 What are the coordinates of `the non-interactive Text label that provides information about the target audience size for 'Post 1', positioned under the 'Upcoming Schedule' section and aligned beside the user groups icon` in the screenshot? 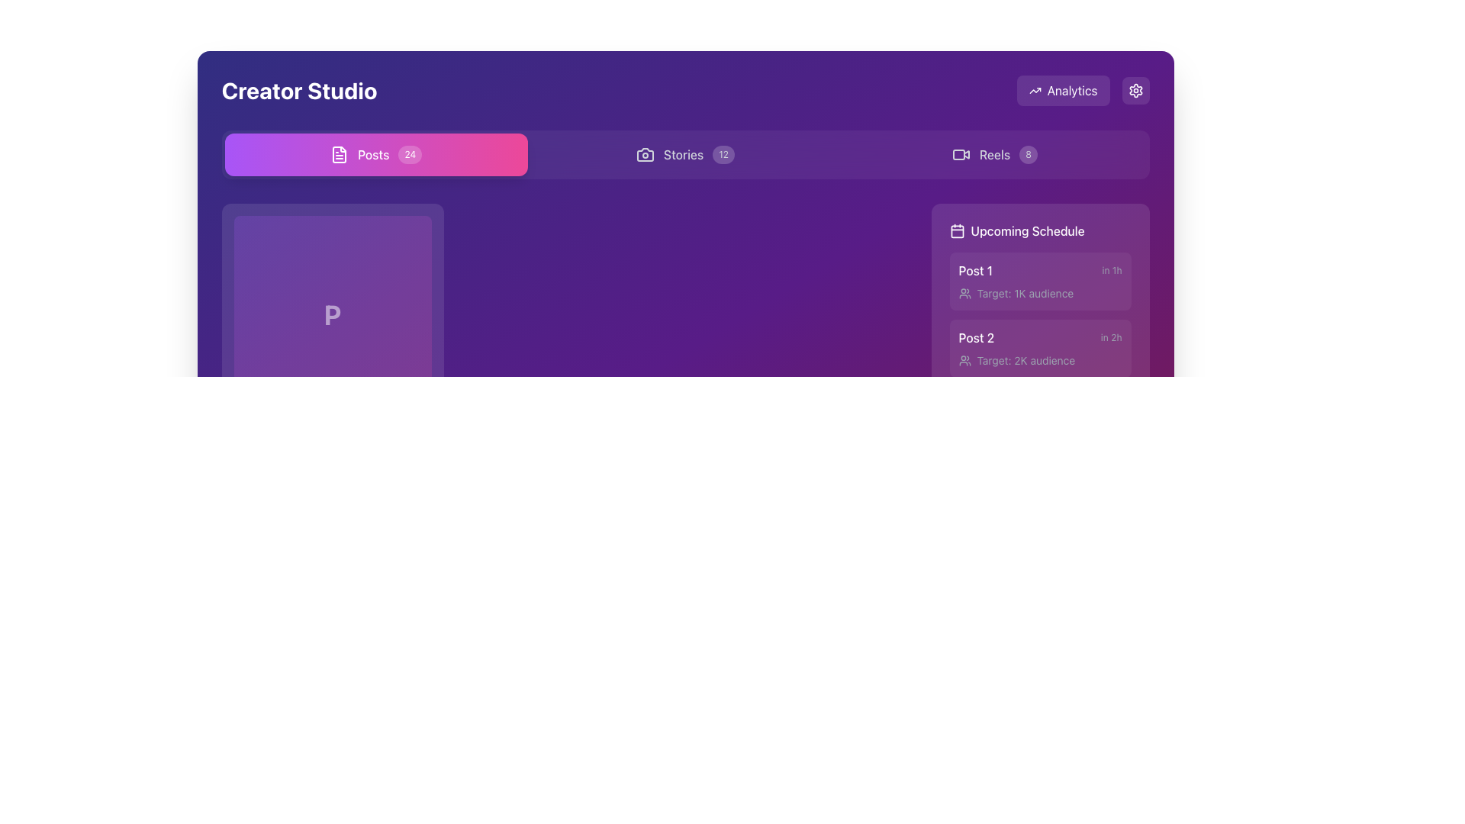 It's located at (1025, 294).